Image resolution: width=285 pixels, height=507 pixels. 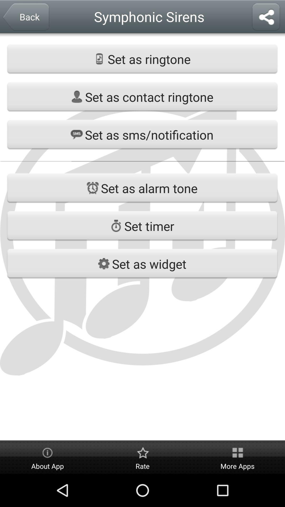 What do you see at coordinates (99, 59) in the screenshot?
I see `the icon on left to the button set as ringtone on the web page` at bounding box center [99, 59].